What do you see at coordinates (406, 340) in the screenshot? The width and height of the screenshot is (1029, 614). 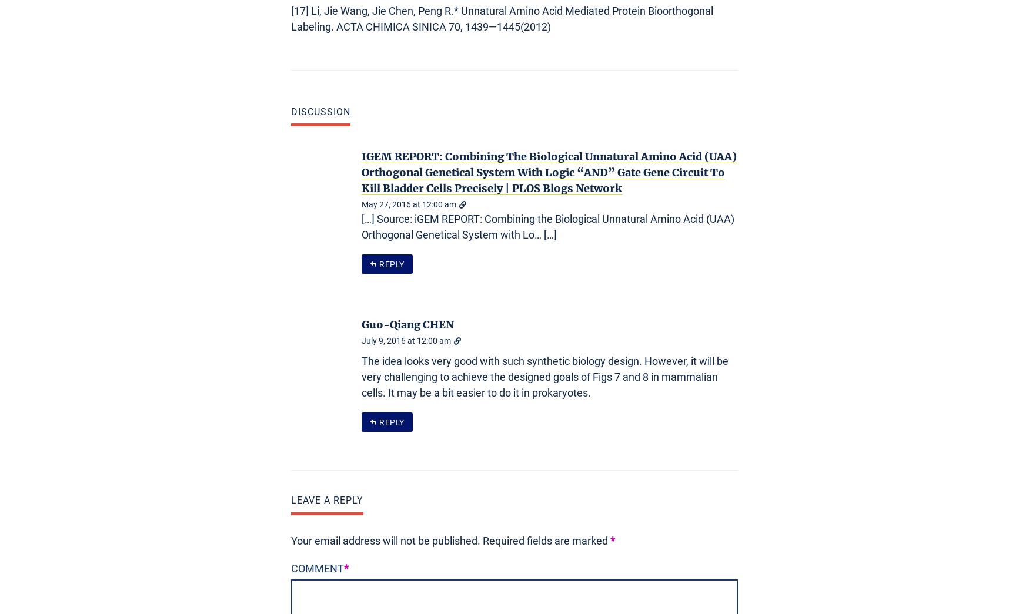 I see `'July 9, 2016 at 12:00 am'` at bounding box center [406, 340].